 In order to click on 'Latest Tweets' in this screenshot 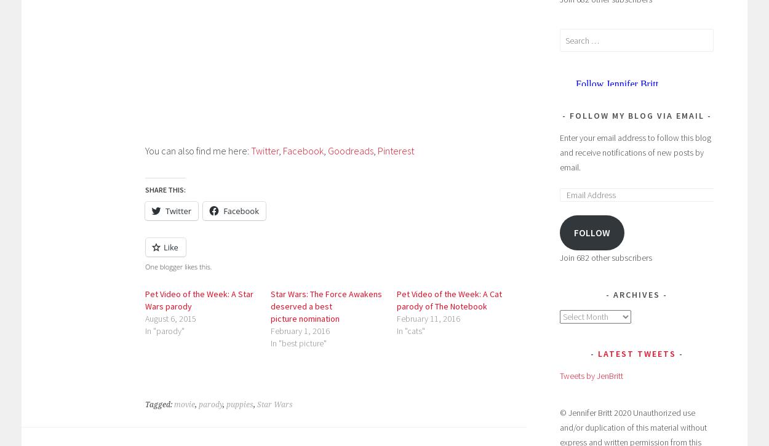, I will do `click(636, 352)`.